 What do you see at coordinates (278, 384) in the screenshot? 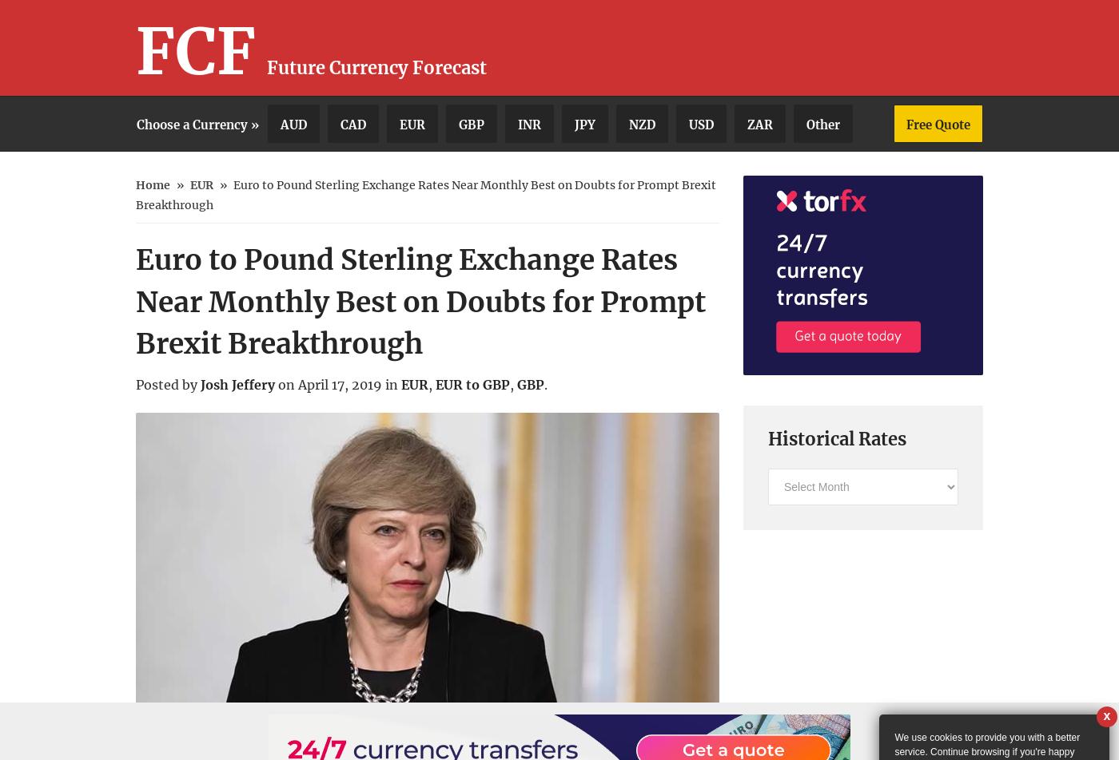
I see `'on'` at bounding box center [278, 384].